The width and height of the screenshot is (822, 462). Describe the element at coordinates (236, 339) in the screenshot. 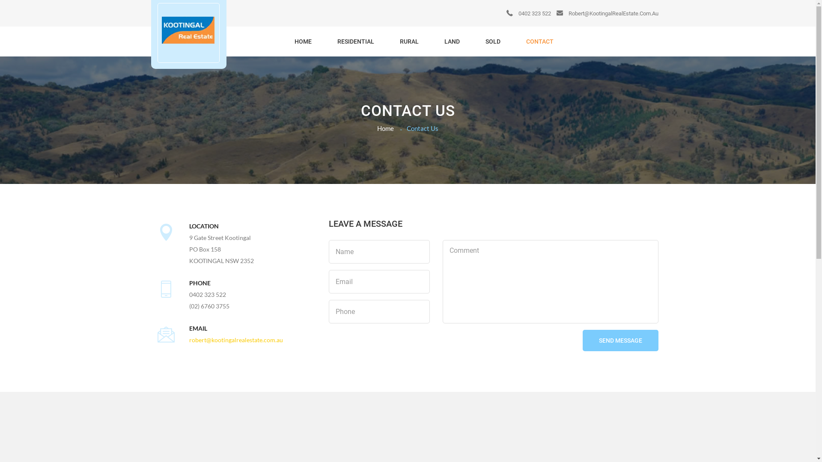

I see `'robert@kootingalrealestate.com.au'` at that location.